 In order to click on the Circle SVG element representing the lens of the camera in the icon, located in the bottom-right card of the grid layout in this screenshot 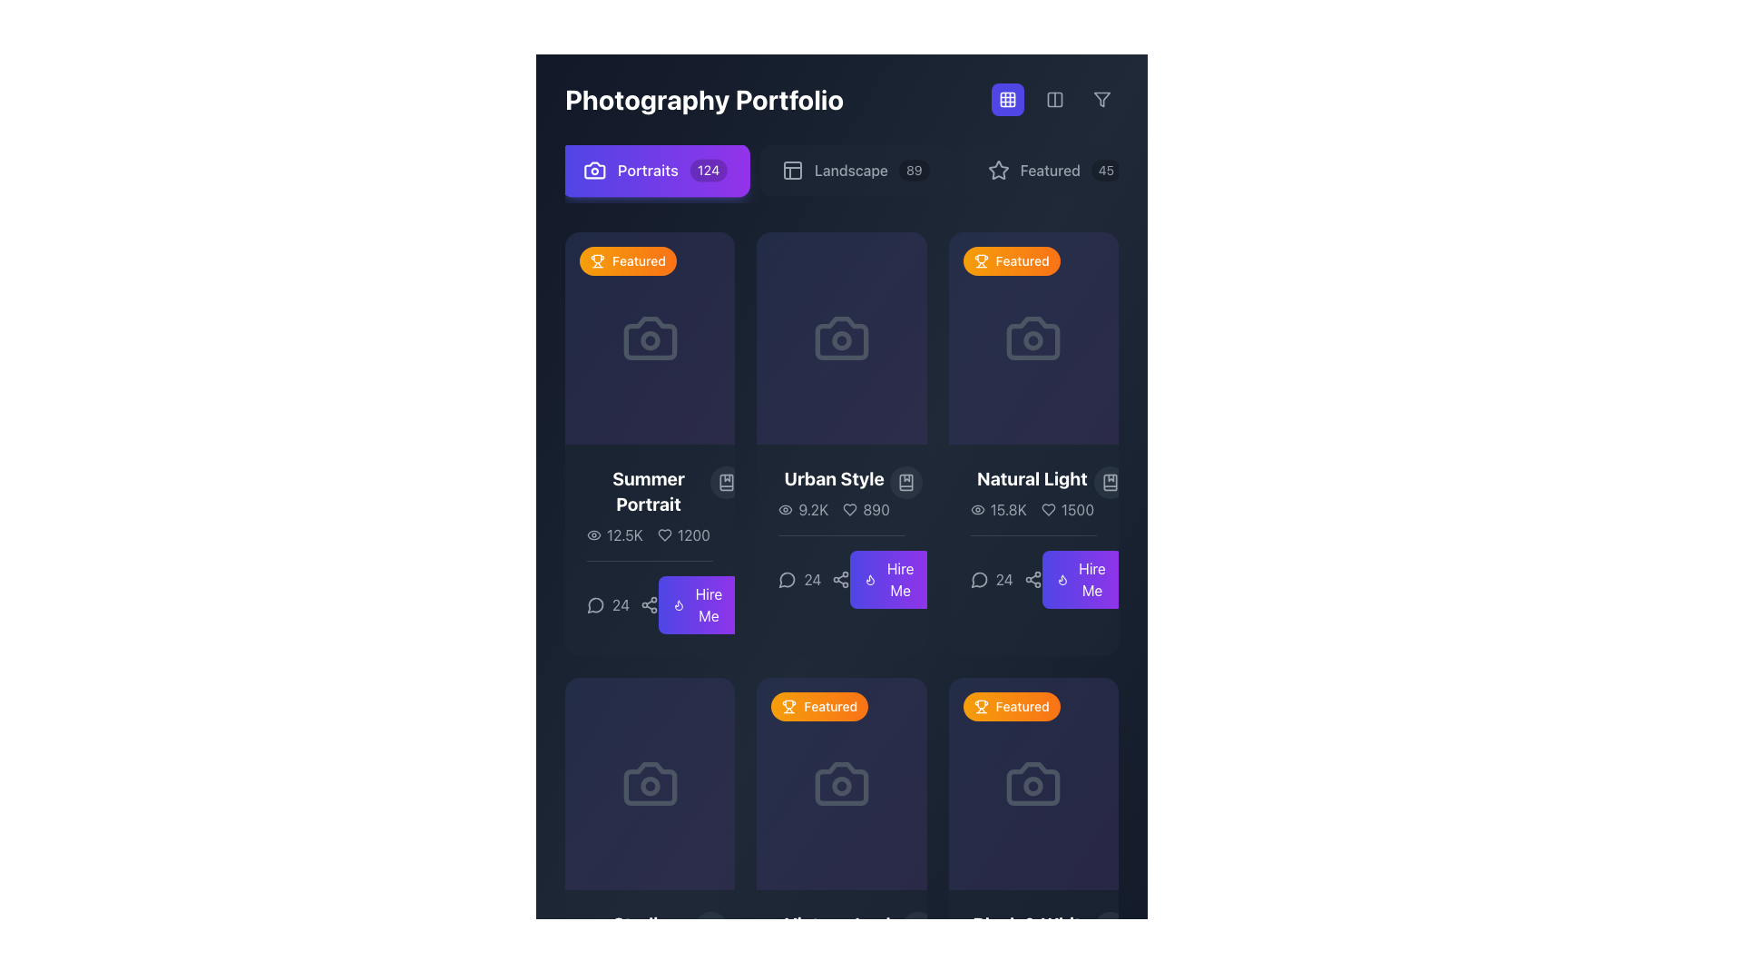, I will do `click(1033, 785)`.